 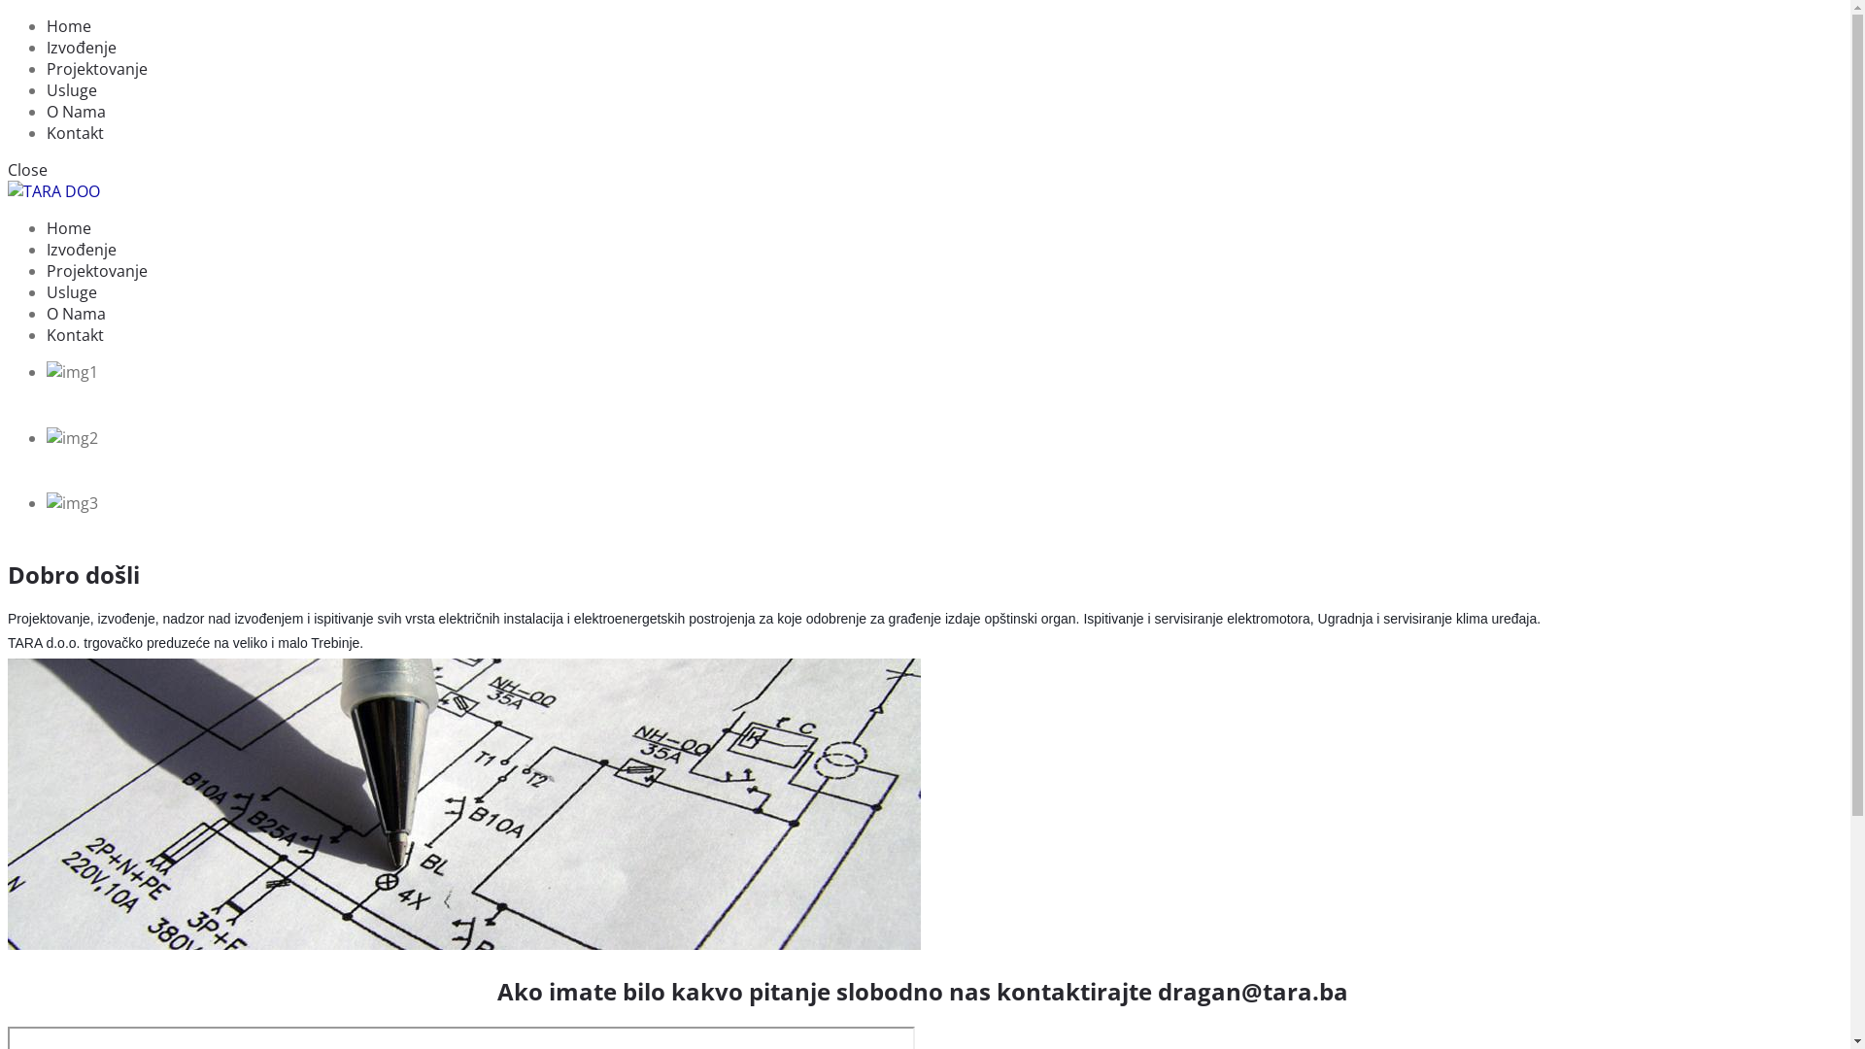 I want to click on 'Kontakt', so click(x=75, y=333).